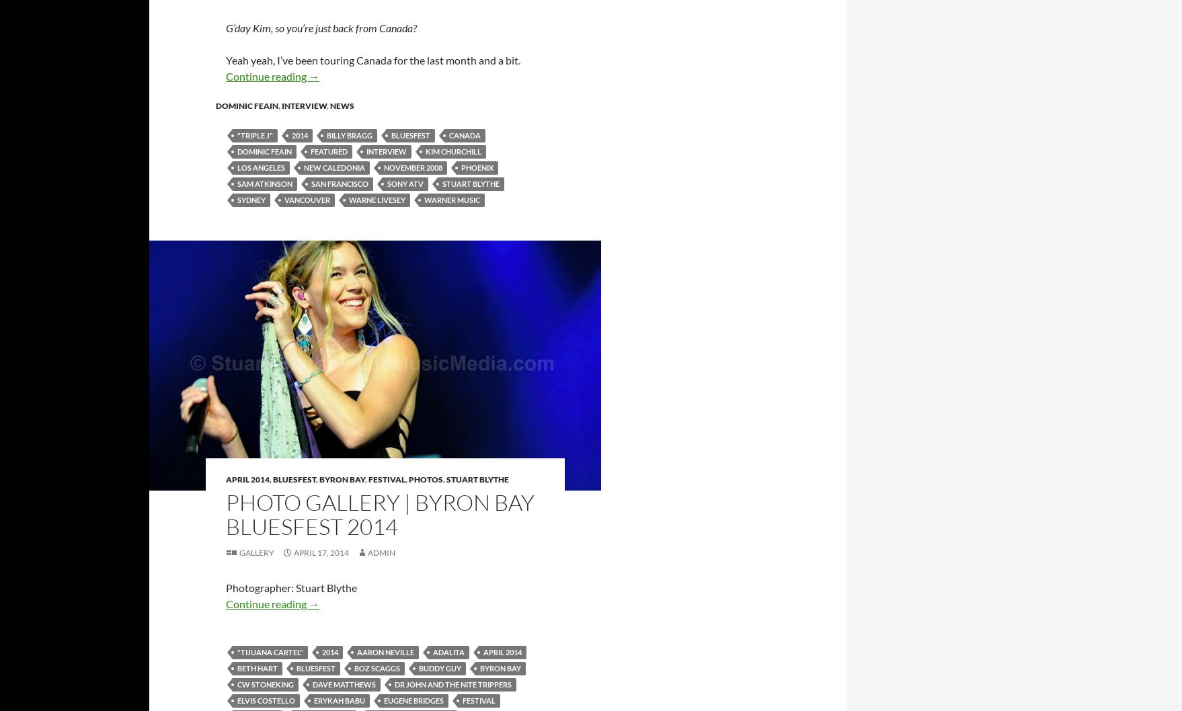  What do you see at coordinates (500, 667) in the screenshot?
I see `'byron bay'` at bounding box center [500, 667].